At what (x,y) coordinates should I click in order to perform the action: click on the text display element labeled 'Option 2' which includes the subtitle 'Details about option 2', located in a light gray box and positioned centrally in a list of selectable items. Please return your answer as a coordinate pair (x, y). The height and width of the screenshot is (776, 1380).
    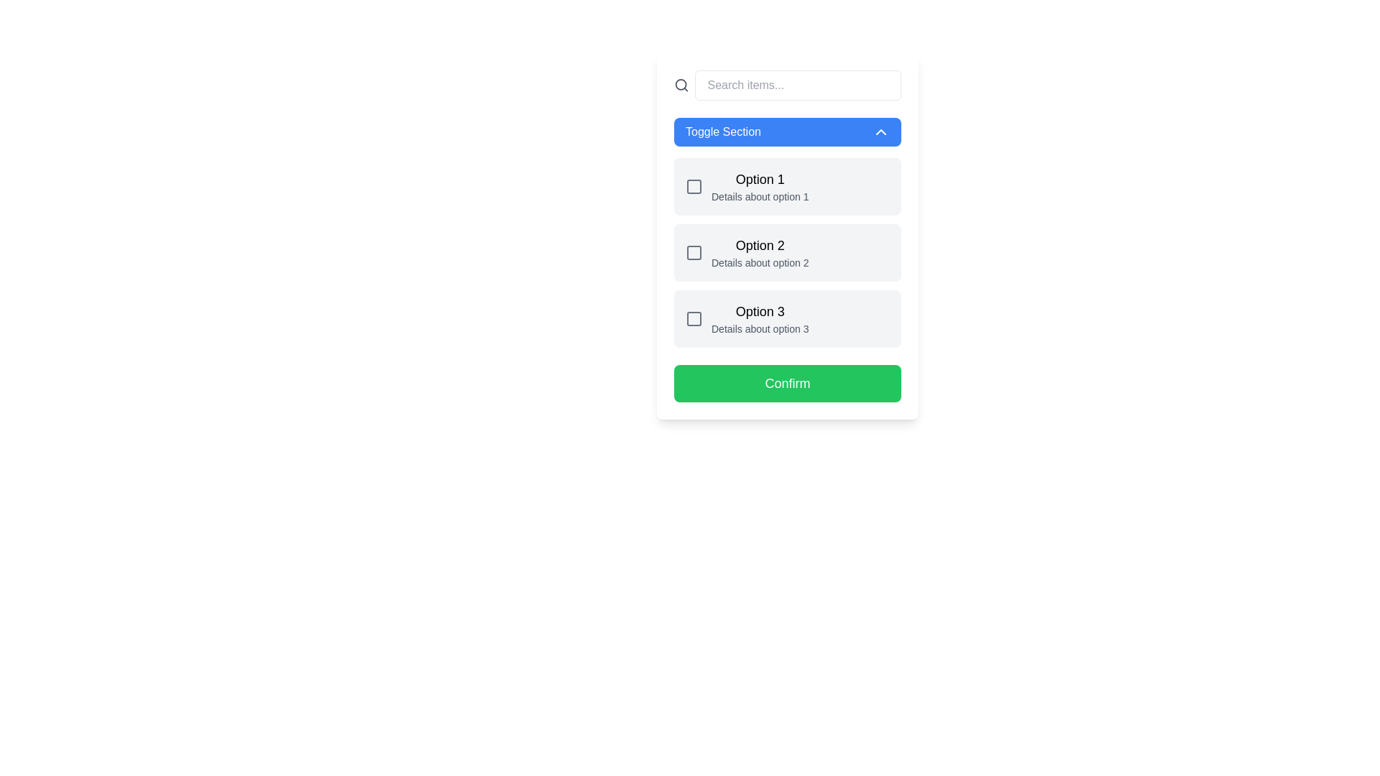
    Looking at the image, I should click on (759, 251).